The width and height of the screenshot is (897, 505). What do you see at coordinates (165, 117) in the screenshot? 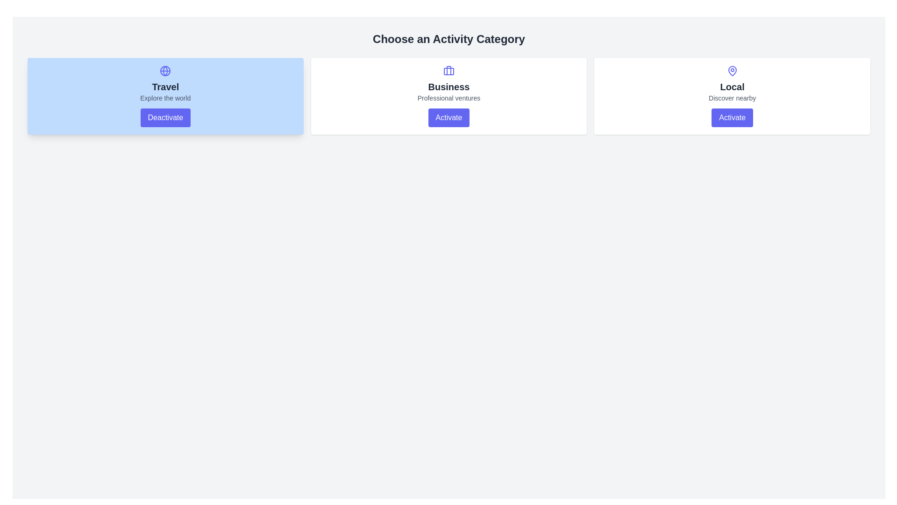
I see `the 'Deactivate' button, which is a rectangular button with white text on a blue background, located below the text 'Travel\nExplore the world' in the lower middle area of the Travel card` at bounding box center [165, 117].